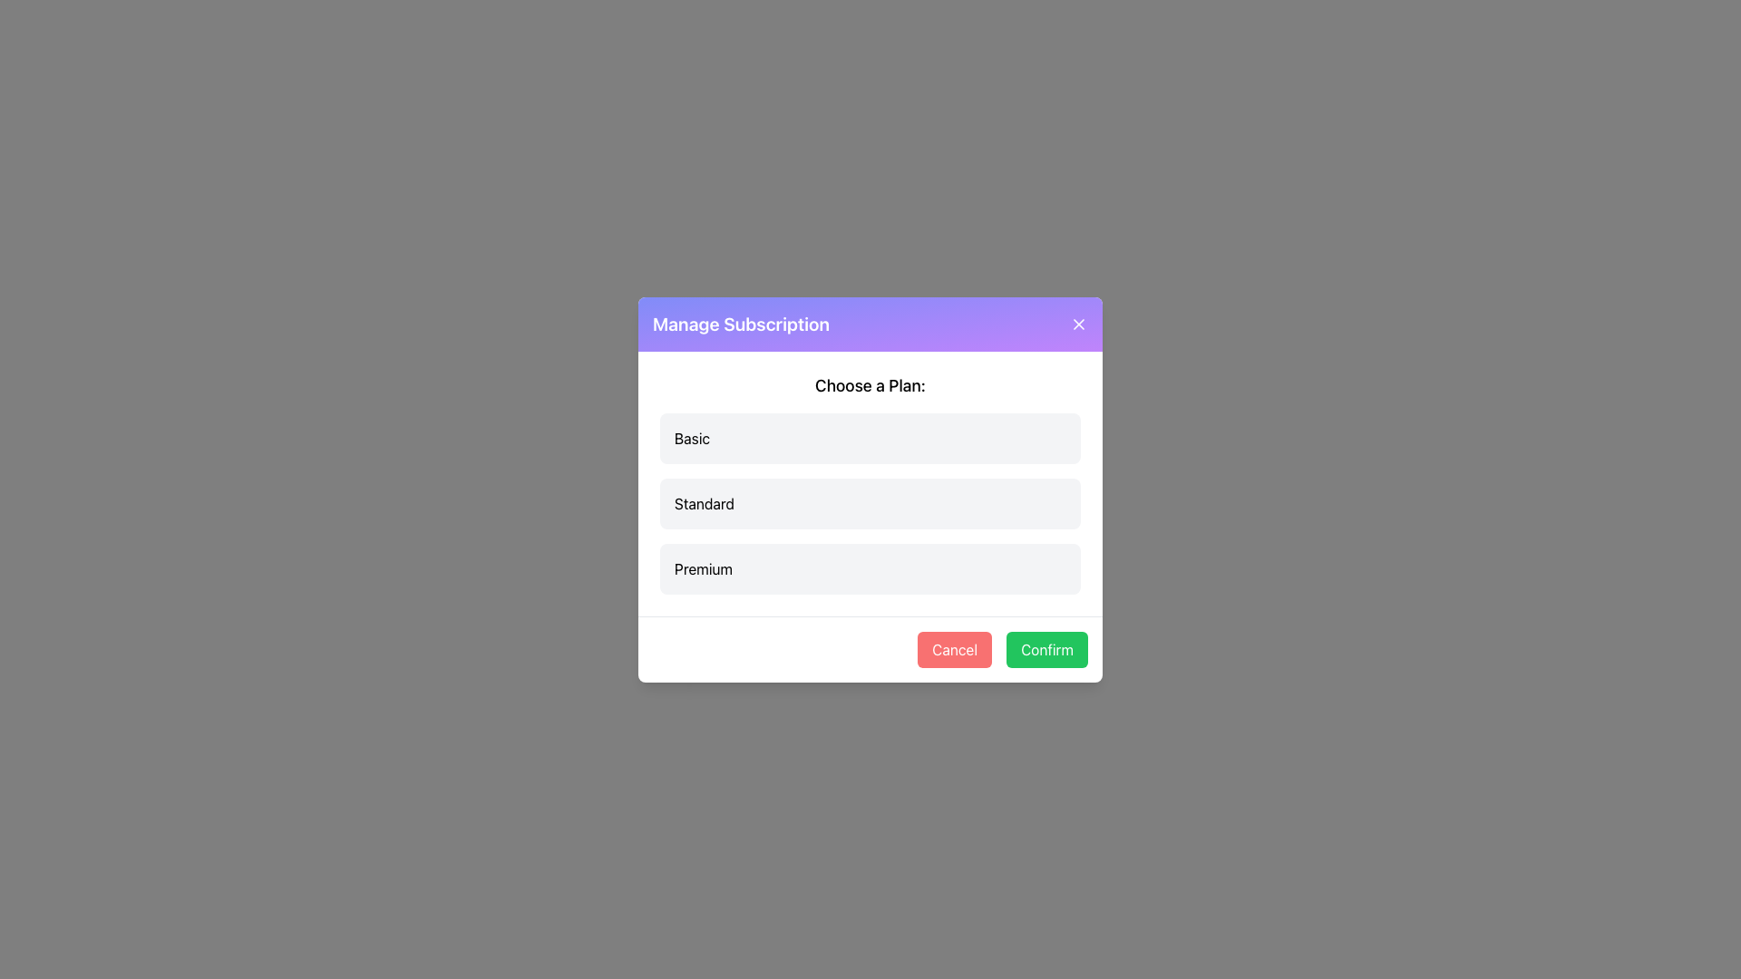  Describe the element at coordinates (741, 323) in the screenshot. I see `the 'Manage Subscription' text label, which is styled in bold white font and located near the left side of the title bar in the subscription management modal` at that location.